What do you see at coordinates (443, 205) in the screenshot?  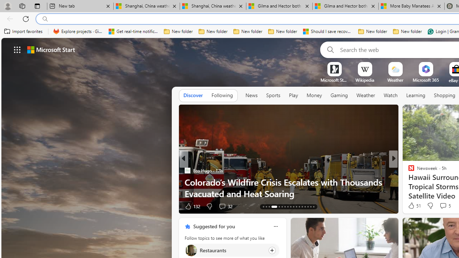 I see `'View comments 5 Comment'` at bounding box center [443, 205].